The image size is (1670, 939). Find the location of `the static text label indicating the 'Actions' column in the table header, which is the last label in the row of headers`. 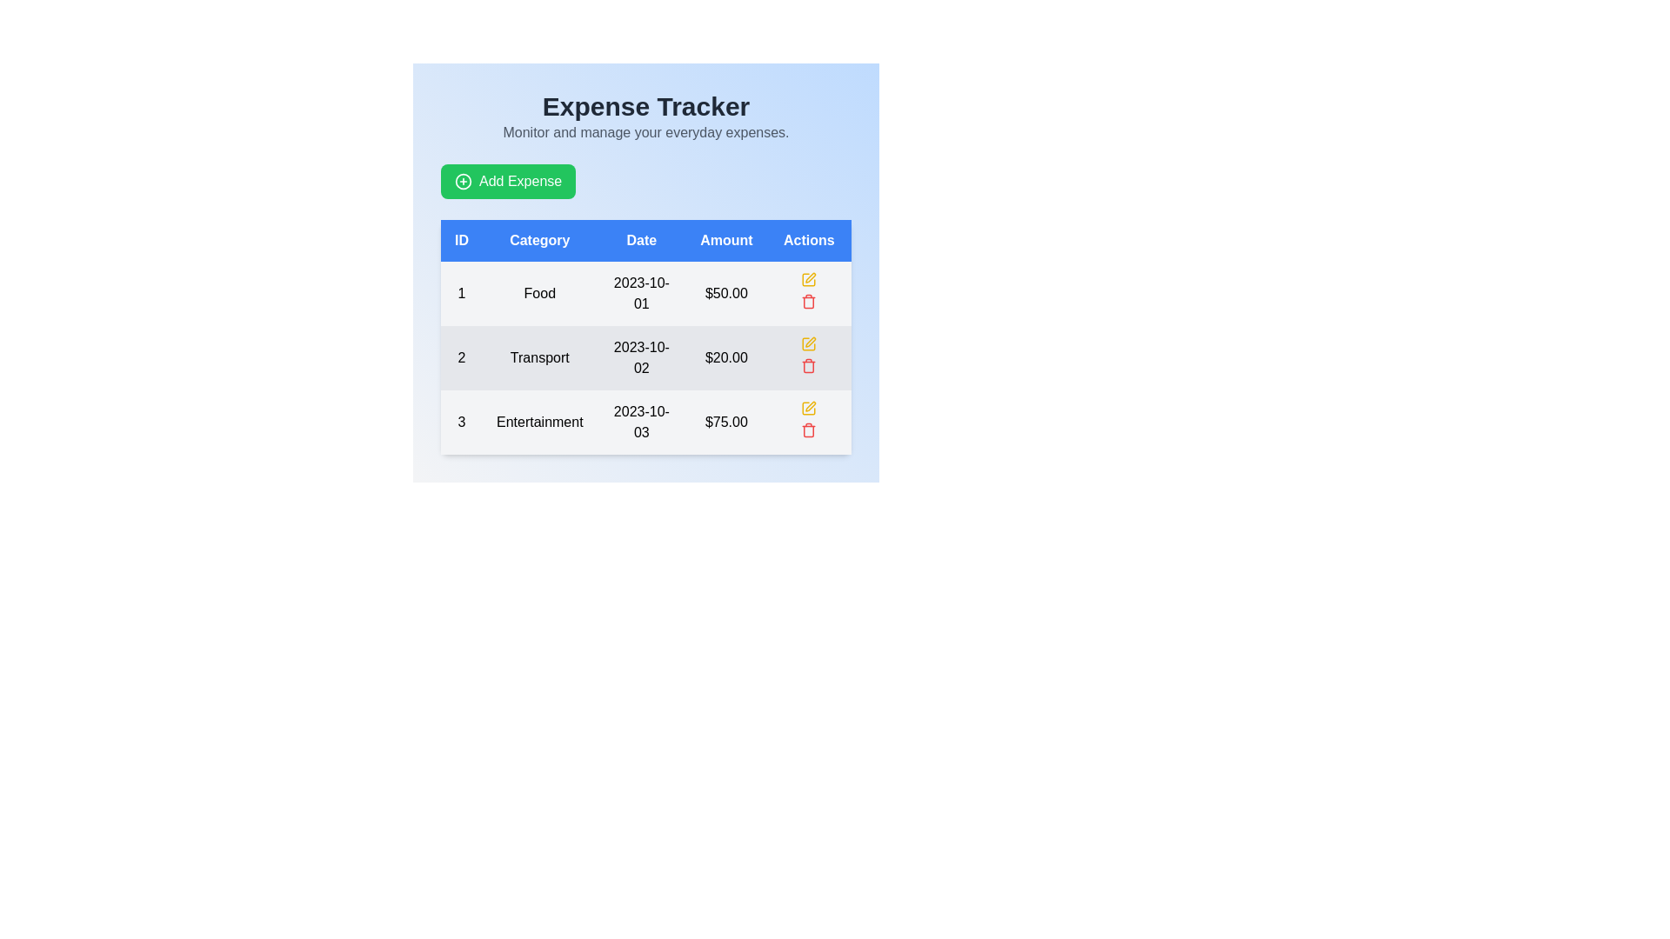

the static text label indicating the 'Actions' column in the table header, which is the last label in the row of headers is located at coordinates (808, 241).